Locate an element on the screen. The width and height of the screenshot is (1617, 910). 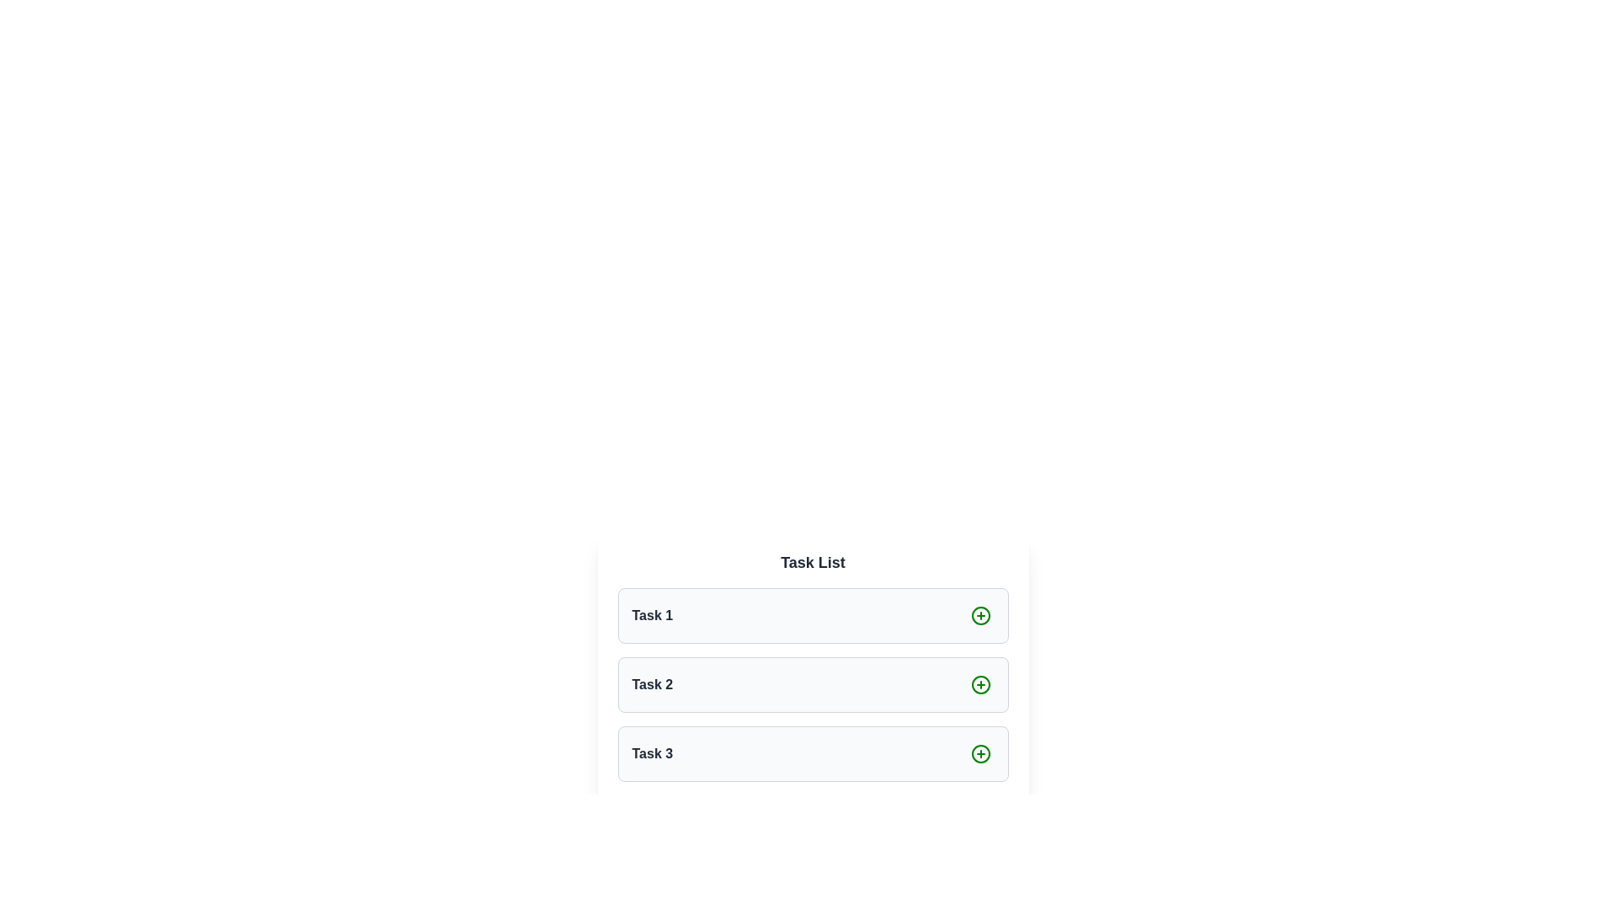
the Text label displaying the title of the task located in the topmost task item of the 'Task List.' is located at coordinates (651, 616).